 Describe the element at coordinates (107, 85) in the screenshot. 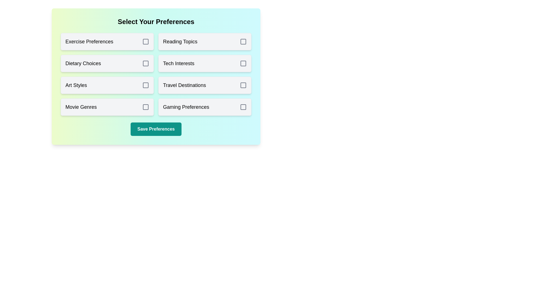

I see `the option Art Styles to observe its hover effect` at that location.